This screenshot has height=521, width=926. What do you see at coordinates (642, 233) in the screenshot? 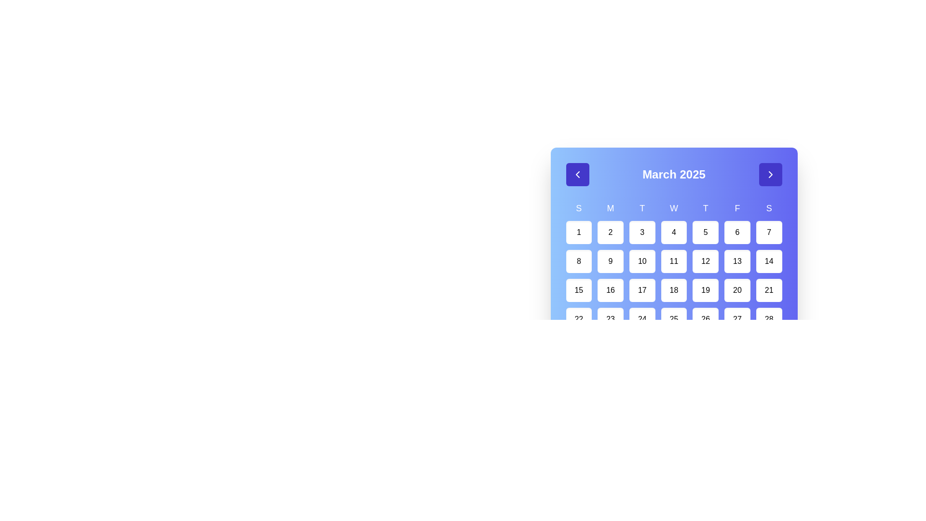
I see `the white rounded square button displaying the number '3' located in the third column under the 'T' header of the calendar grid` at bounding box center [642, 233].